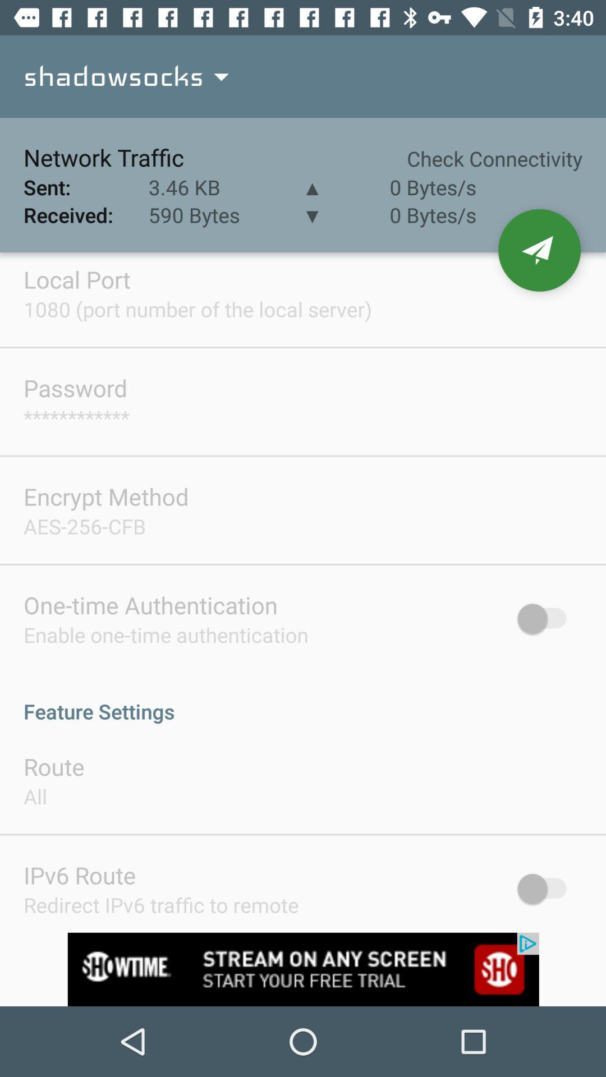 Image resolution: width=606 pixels, height=1077 pixels. What do you see at coordinates (539, 250) in the screenshot?
I see `open location options` at bounding box center [539, 250].